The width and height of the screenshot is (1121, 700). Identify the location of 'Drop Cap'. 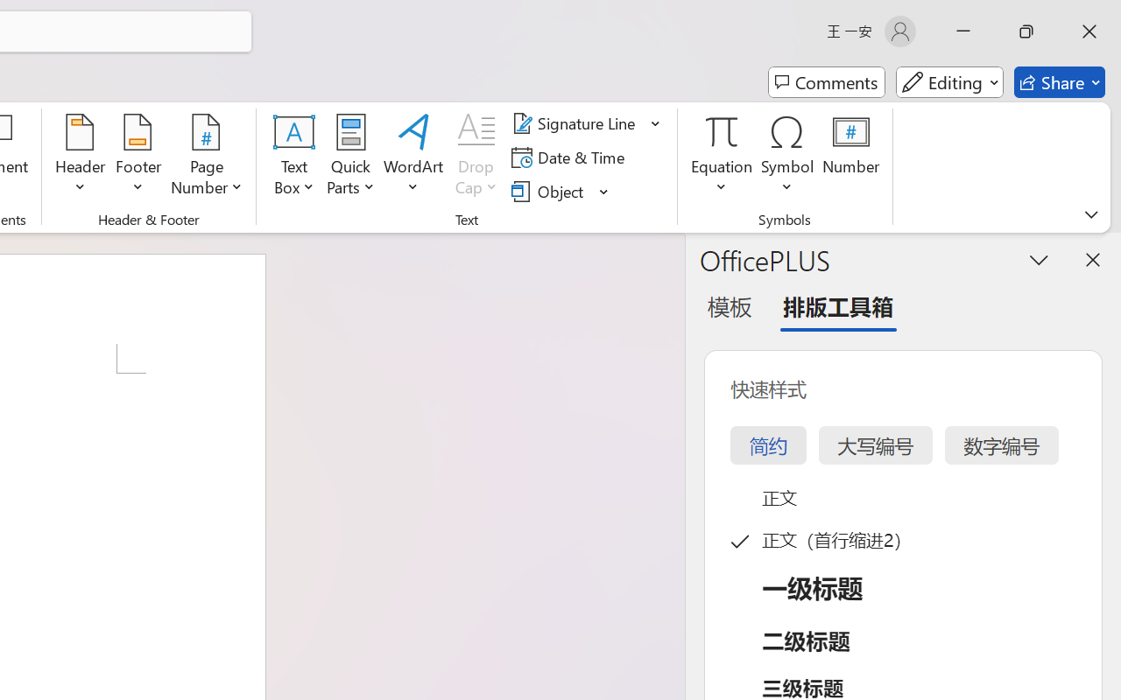
(476, 157).